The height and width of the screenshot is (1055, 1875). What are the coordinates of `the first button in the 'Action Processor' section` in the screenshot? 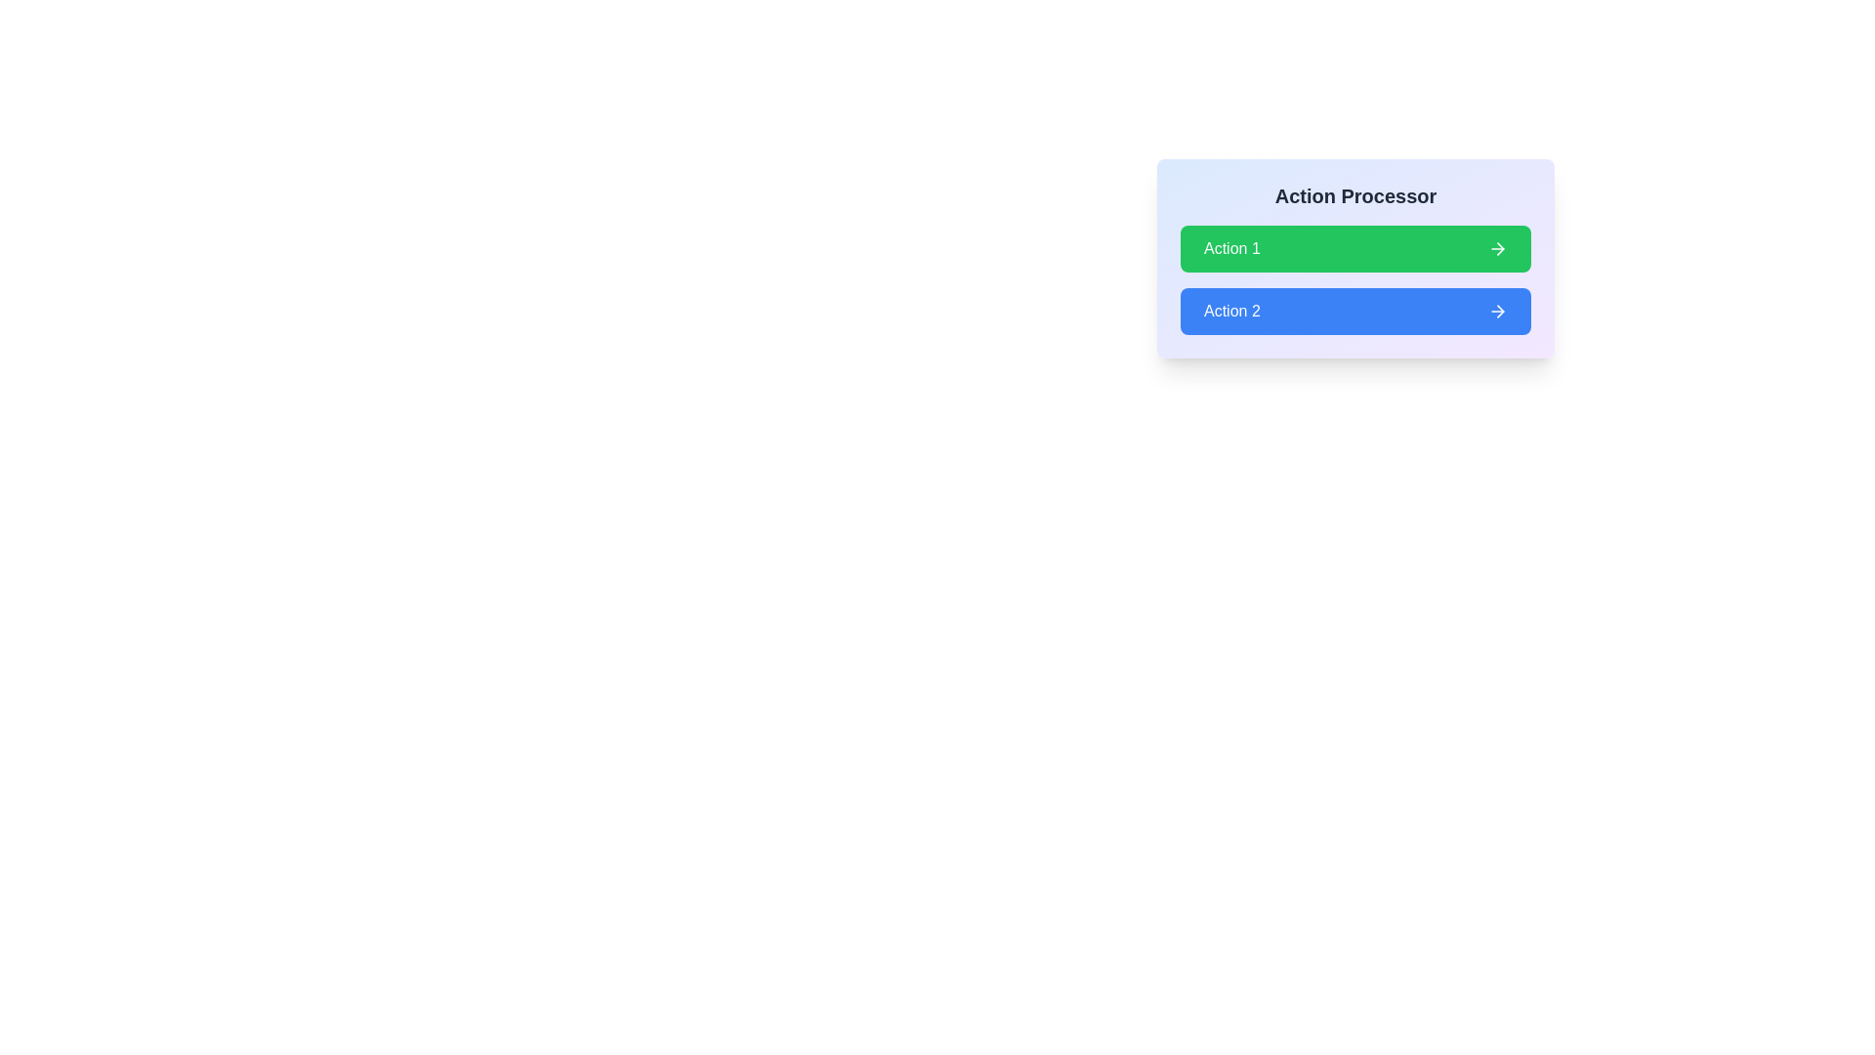 It's located at (1354, 258).